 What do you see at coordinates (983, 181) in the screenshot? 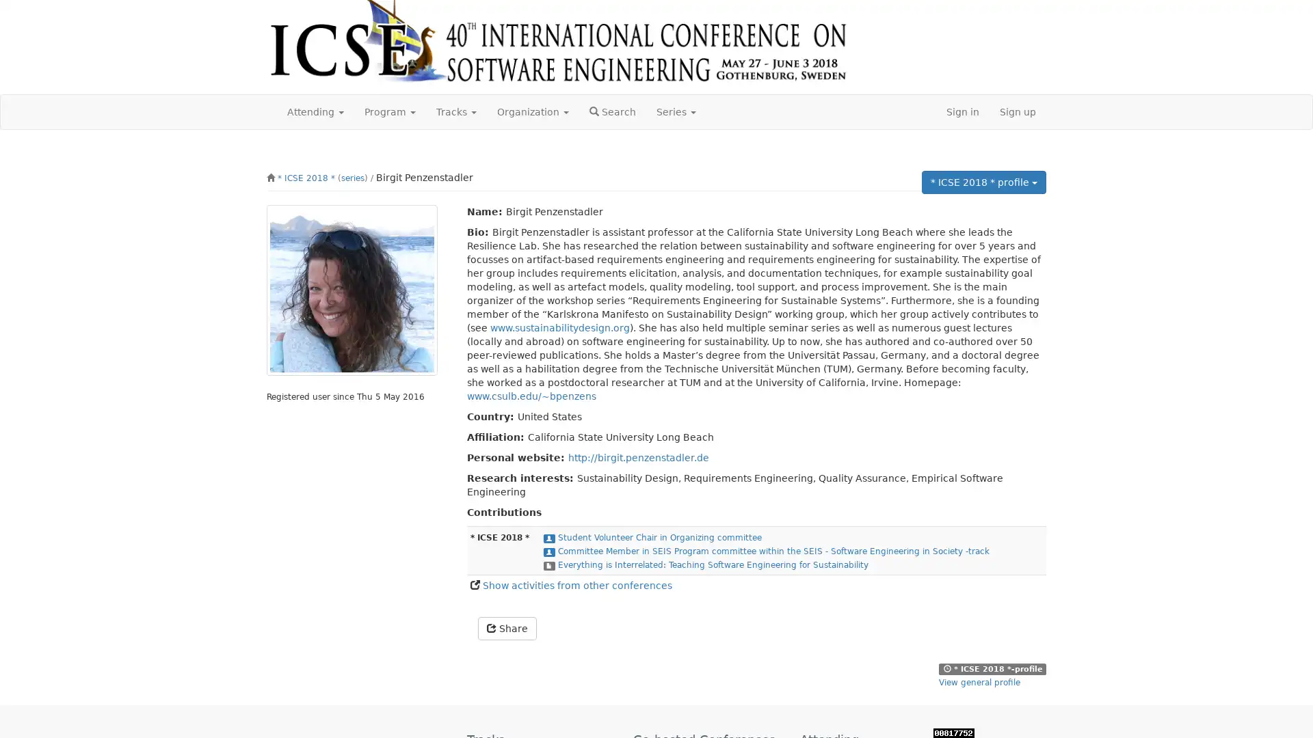
I see `* ICSE 2018 * profile` at bounding box center [983, 181].